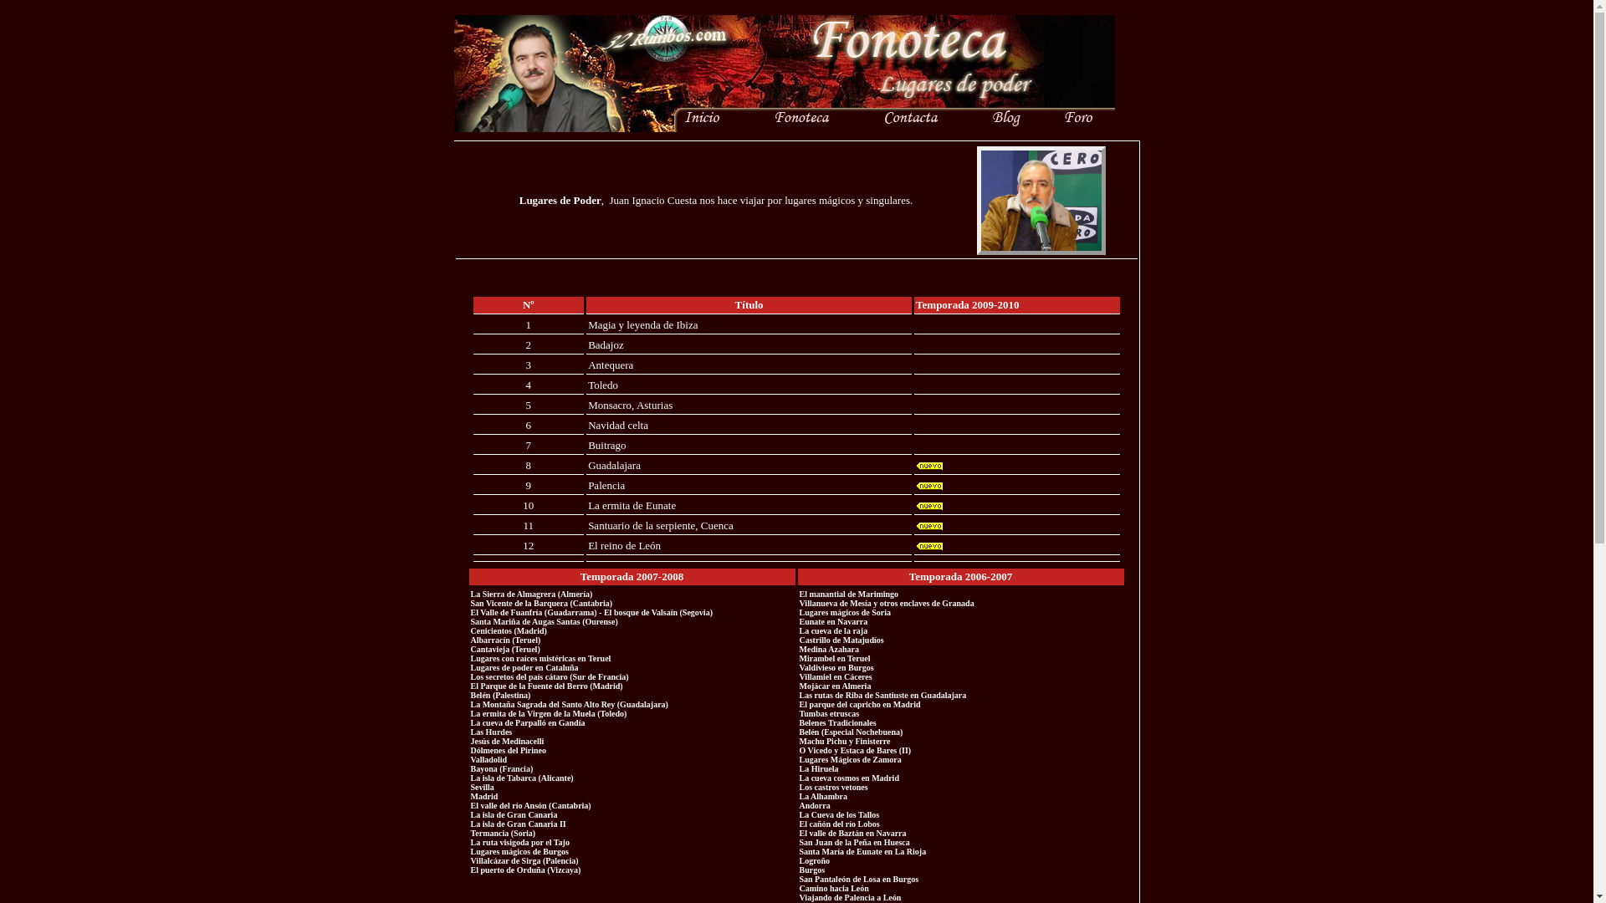  Describe the element at coordinates (488, 787) in the screenshot. I see `'Sevilla      '` at that location.